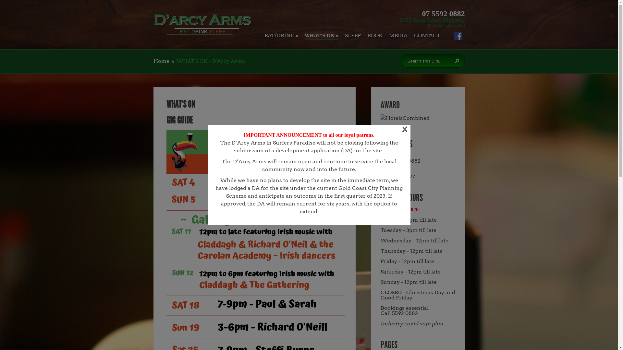  I want to click on 'SLEEP', so click(352, 37).